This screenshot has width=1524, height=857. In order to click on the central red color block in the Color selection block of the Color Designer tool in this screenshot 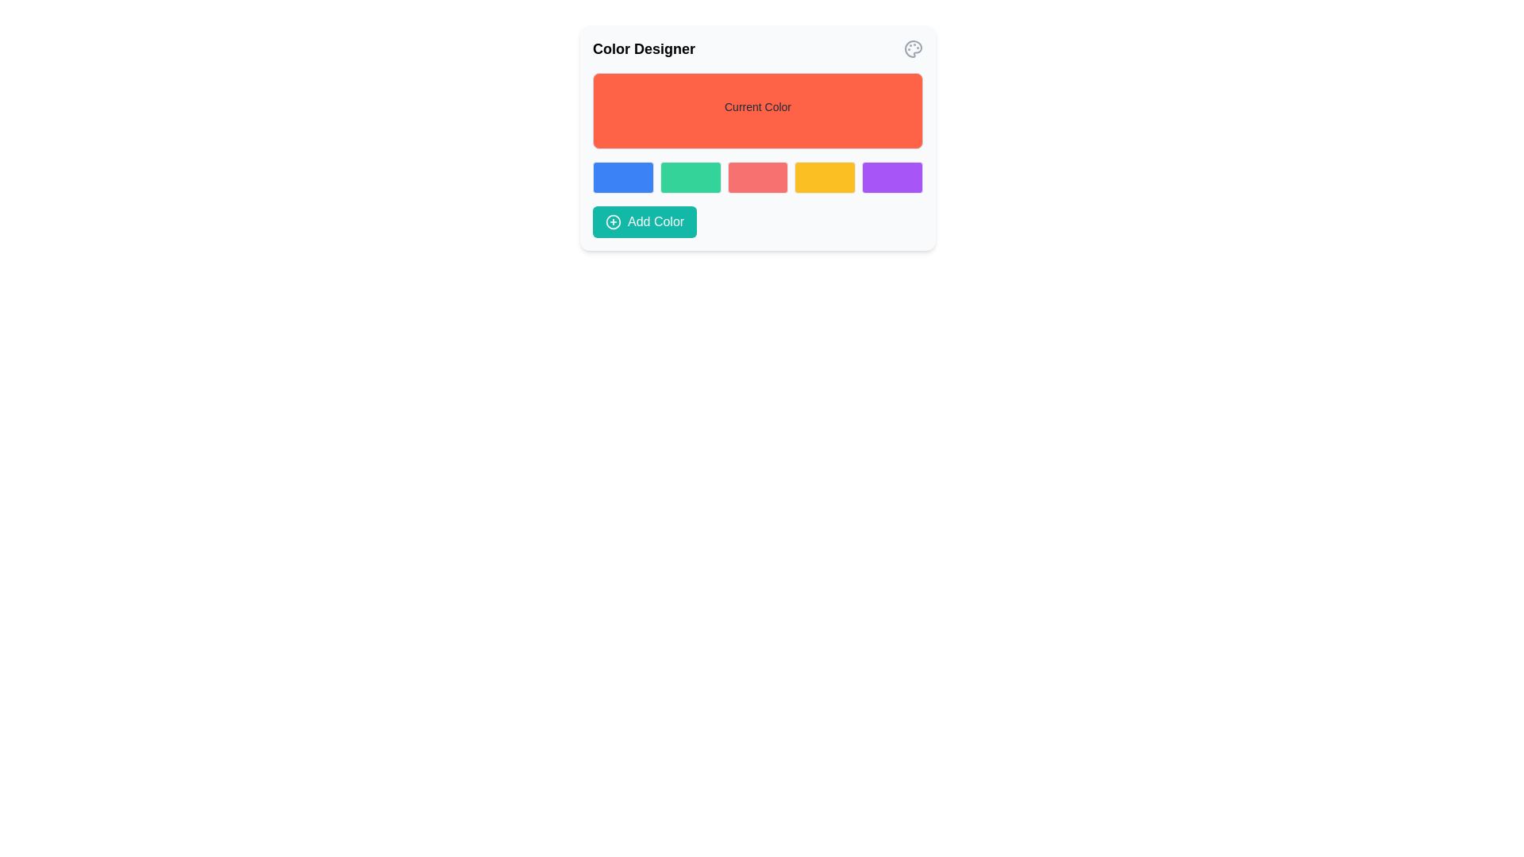, I will do `click(757, 177)`.